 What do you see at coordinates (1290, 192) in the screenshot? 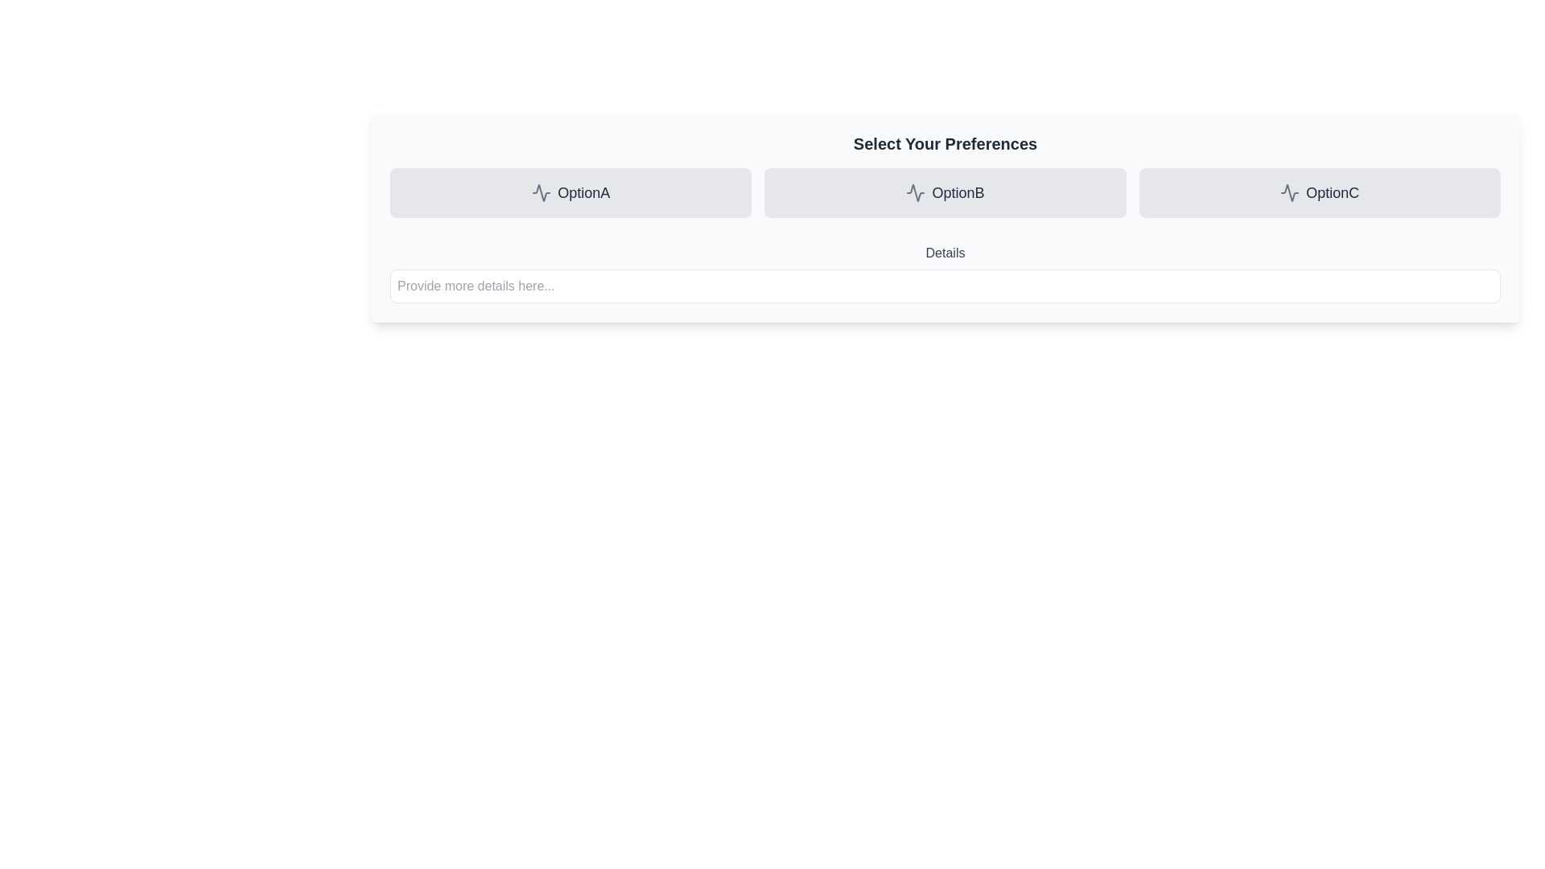
I see `the icon that visually indicates the 'OptionC' button, which is positioned to the left of the button label text` at bounding box center [1290, 192].